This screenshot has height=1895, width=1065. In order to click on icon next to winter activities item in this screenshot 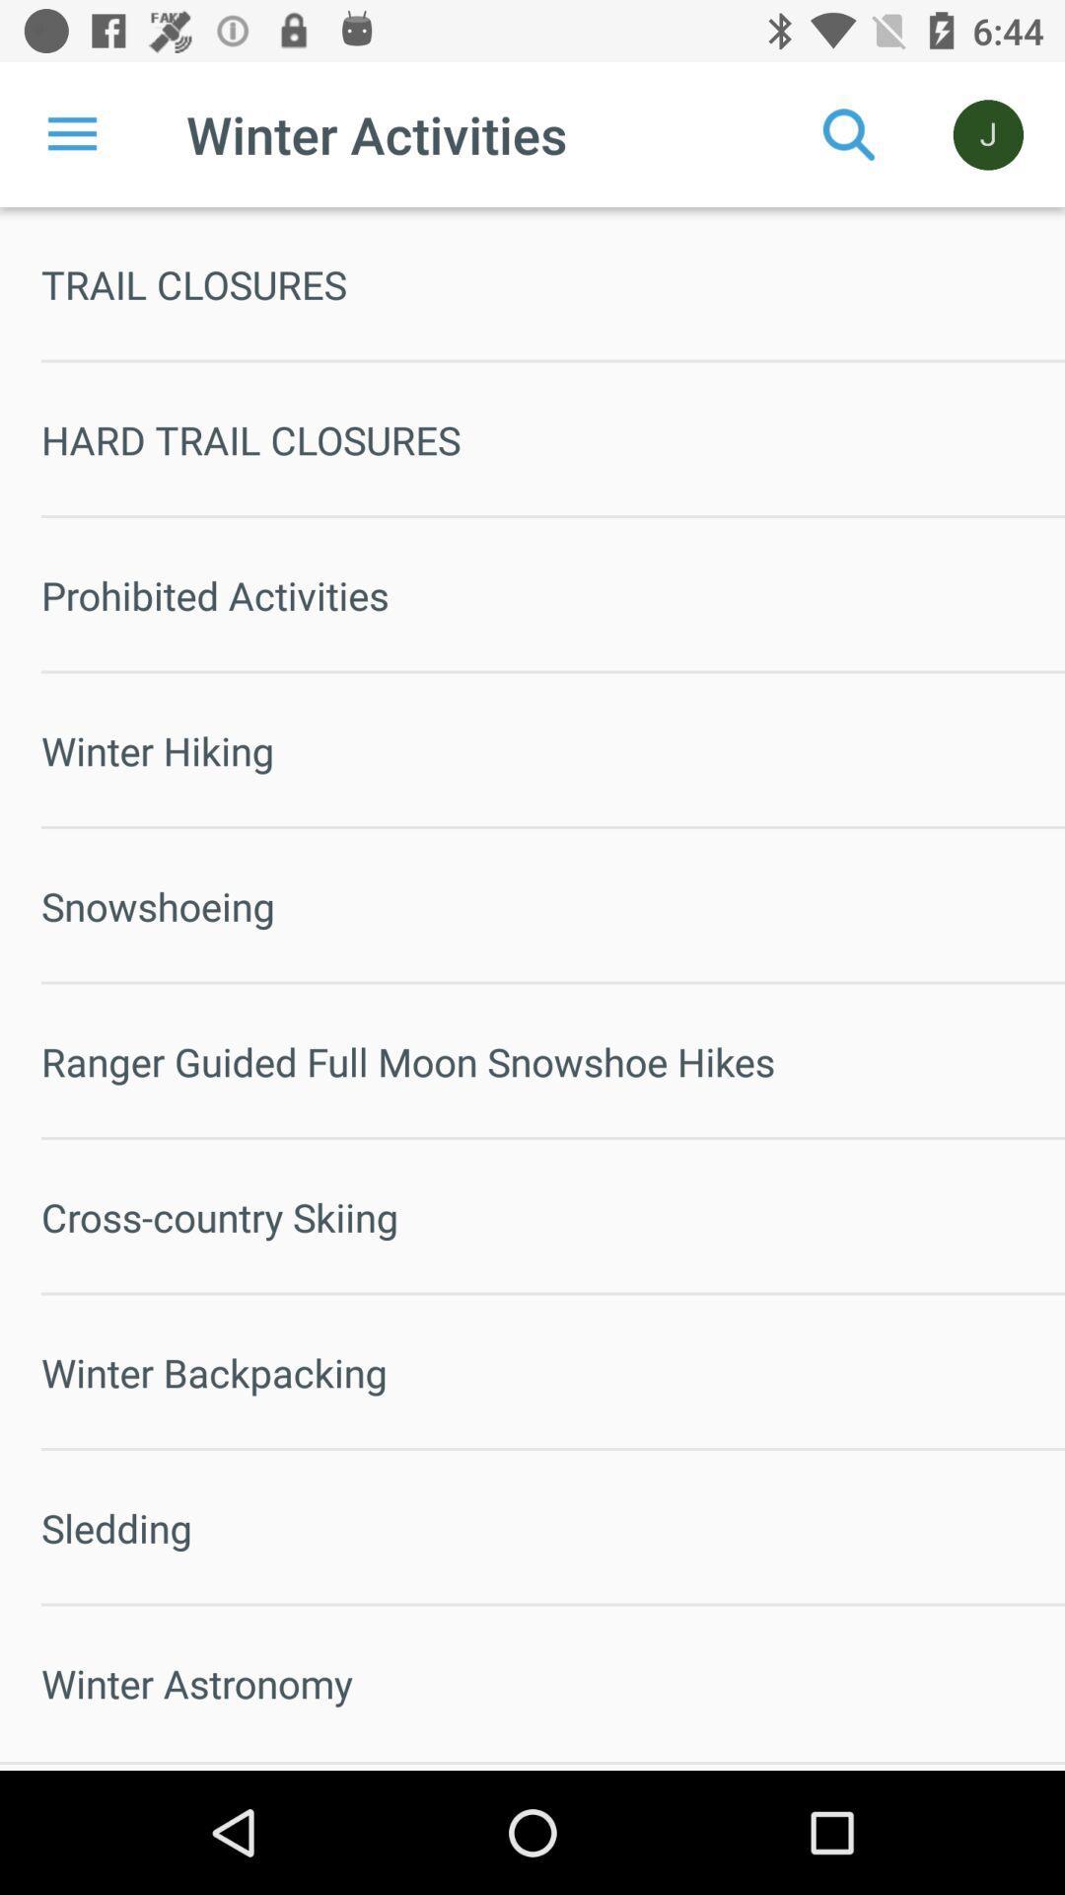, I will do `click(848, 133)`.